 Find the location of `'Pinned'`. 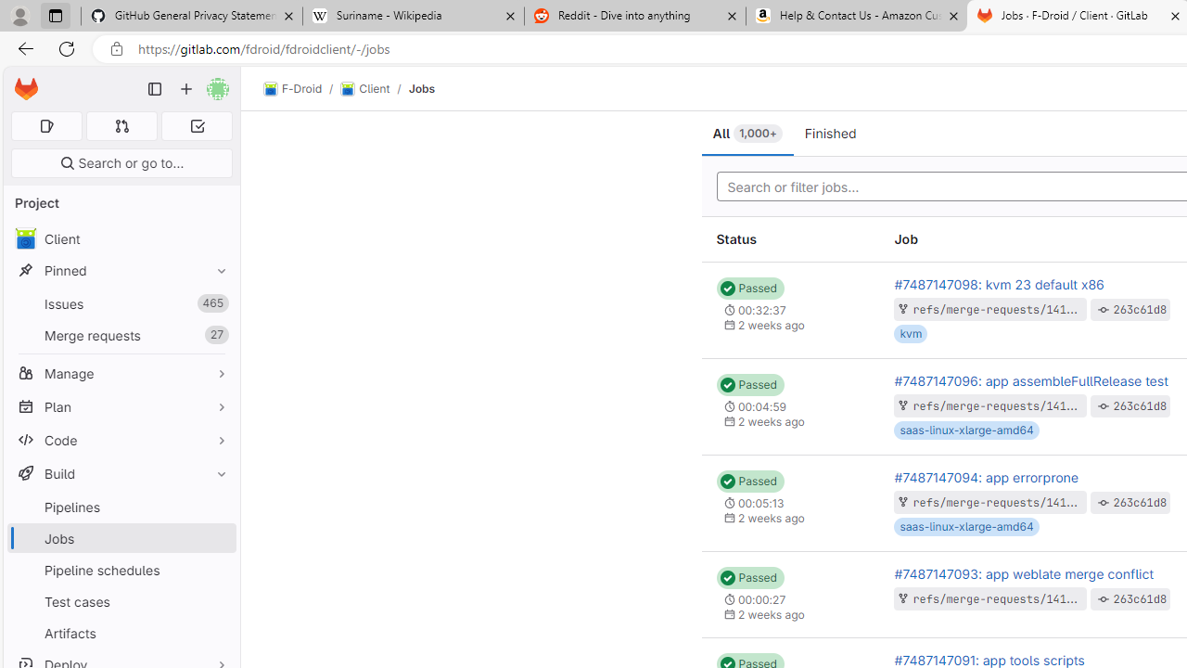

'Pinned' is located at coordinates (121, 270).